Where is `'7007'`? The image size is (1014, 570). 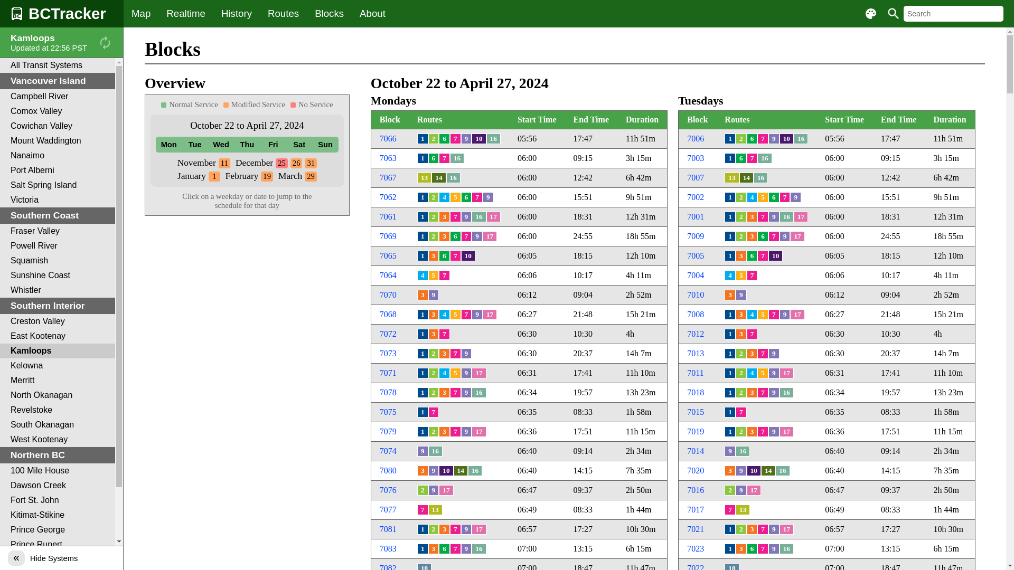 '7007' is located at coordinates (687, 177).